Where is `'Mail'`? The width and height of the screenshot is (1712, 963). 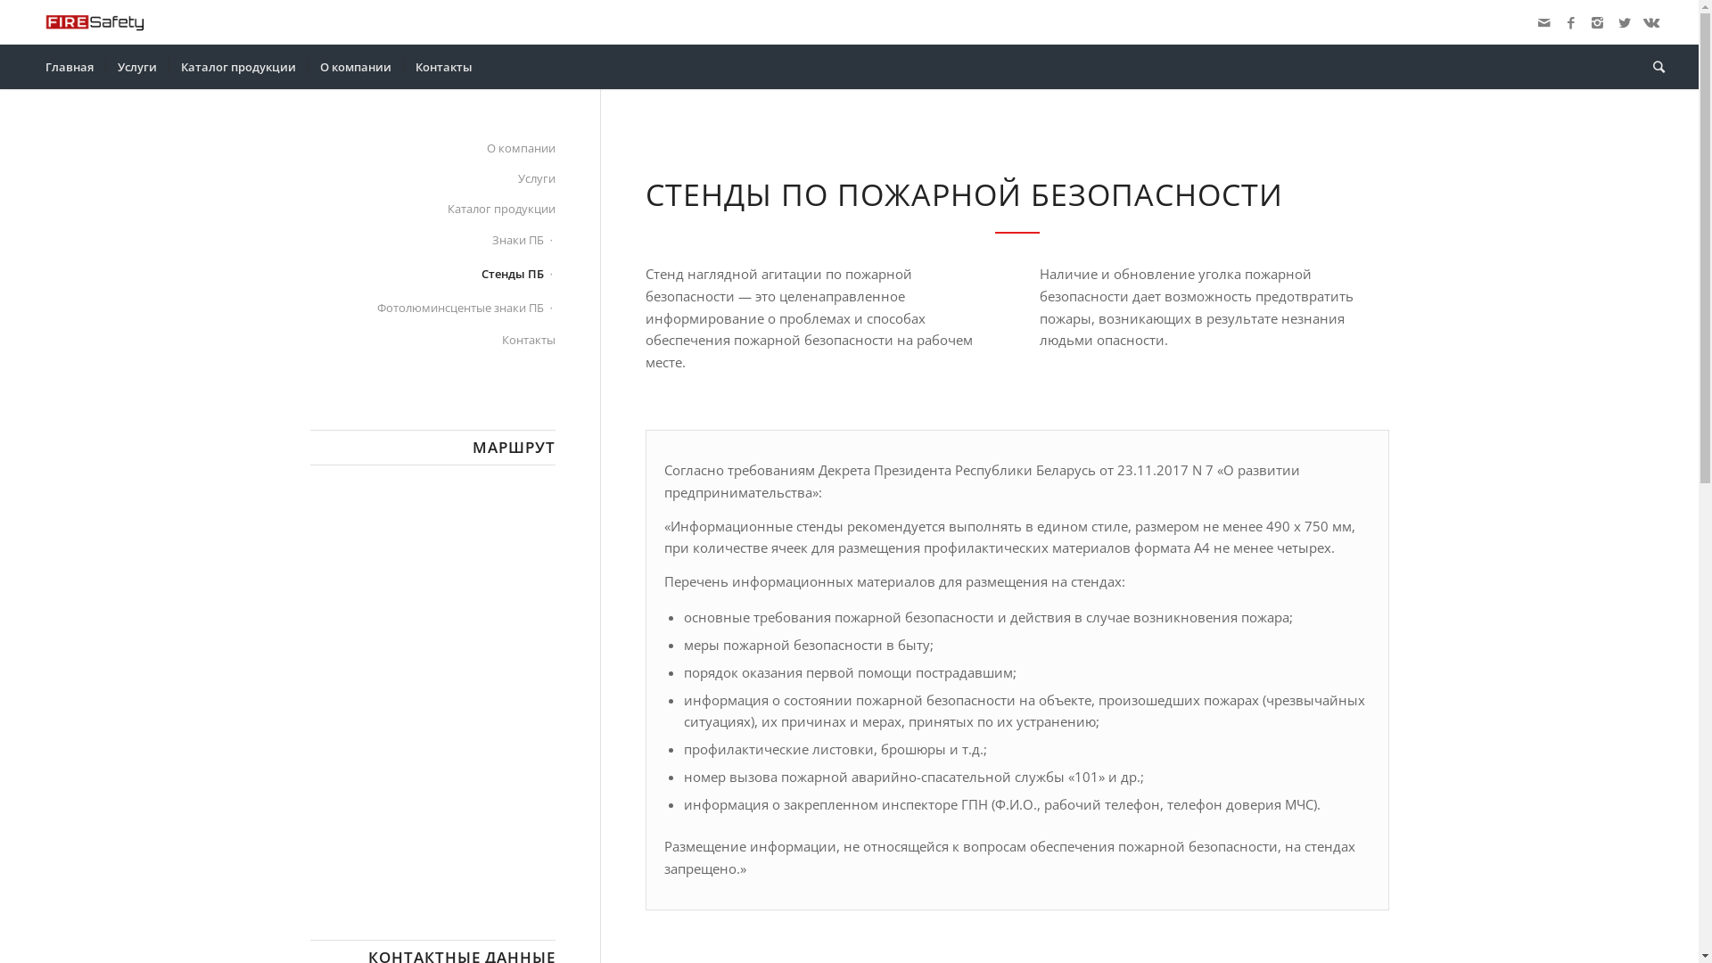
'Mail' is located at coordinates (1543, 21).